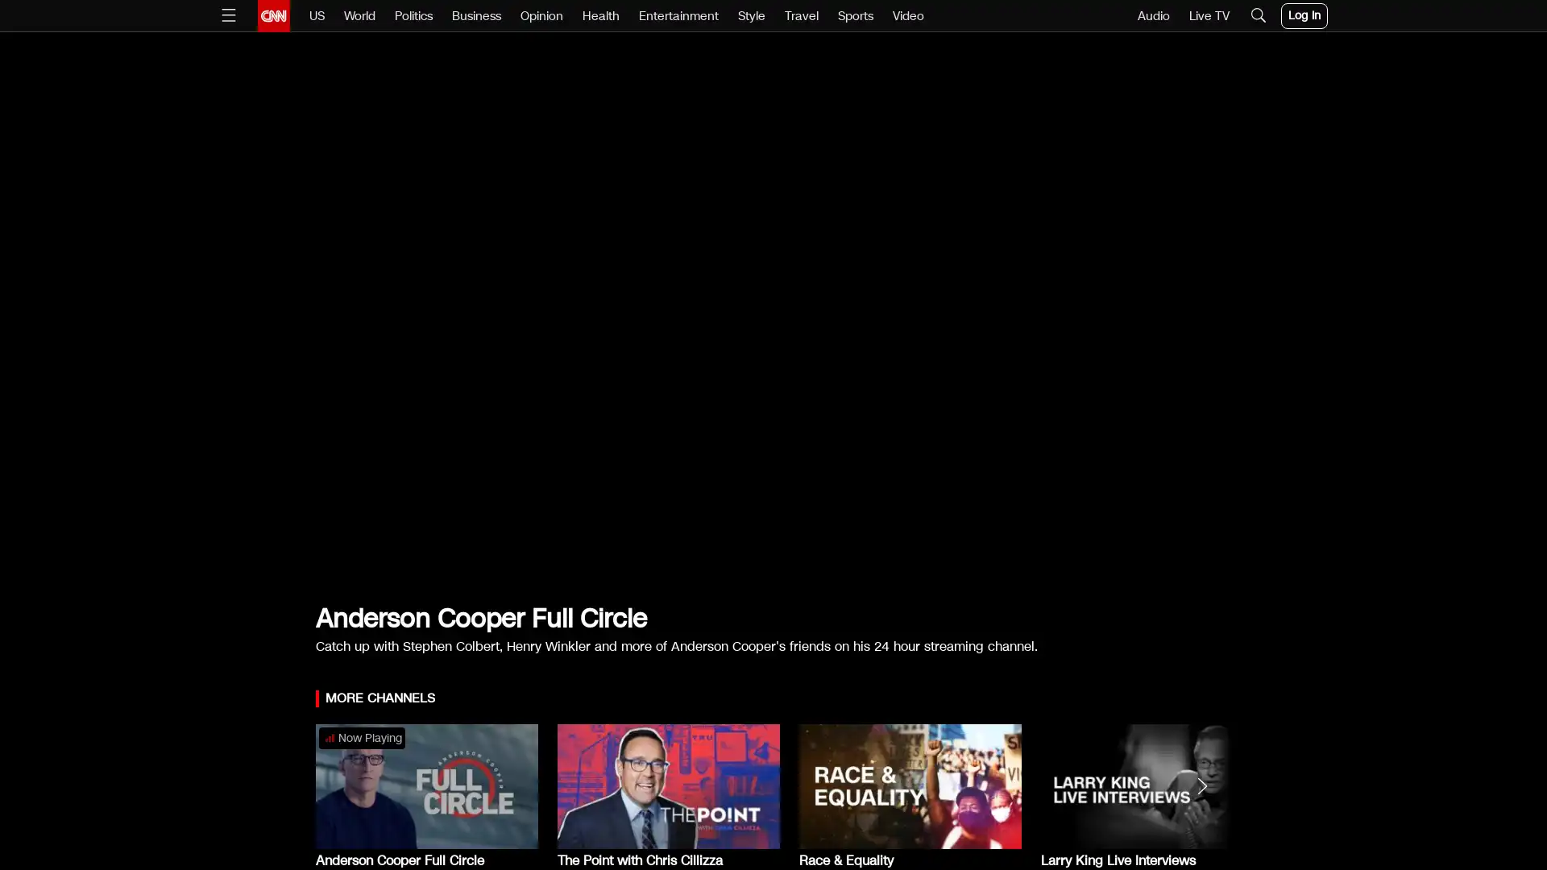 The width and height of the screenshot is (1547, 870). I want to click on Search Icon, so click(1256, 15).